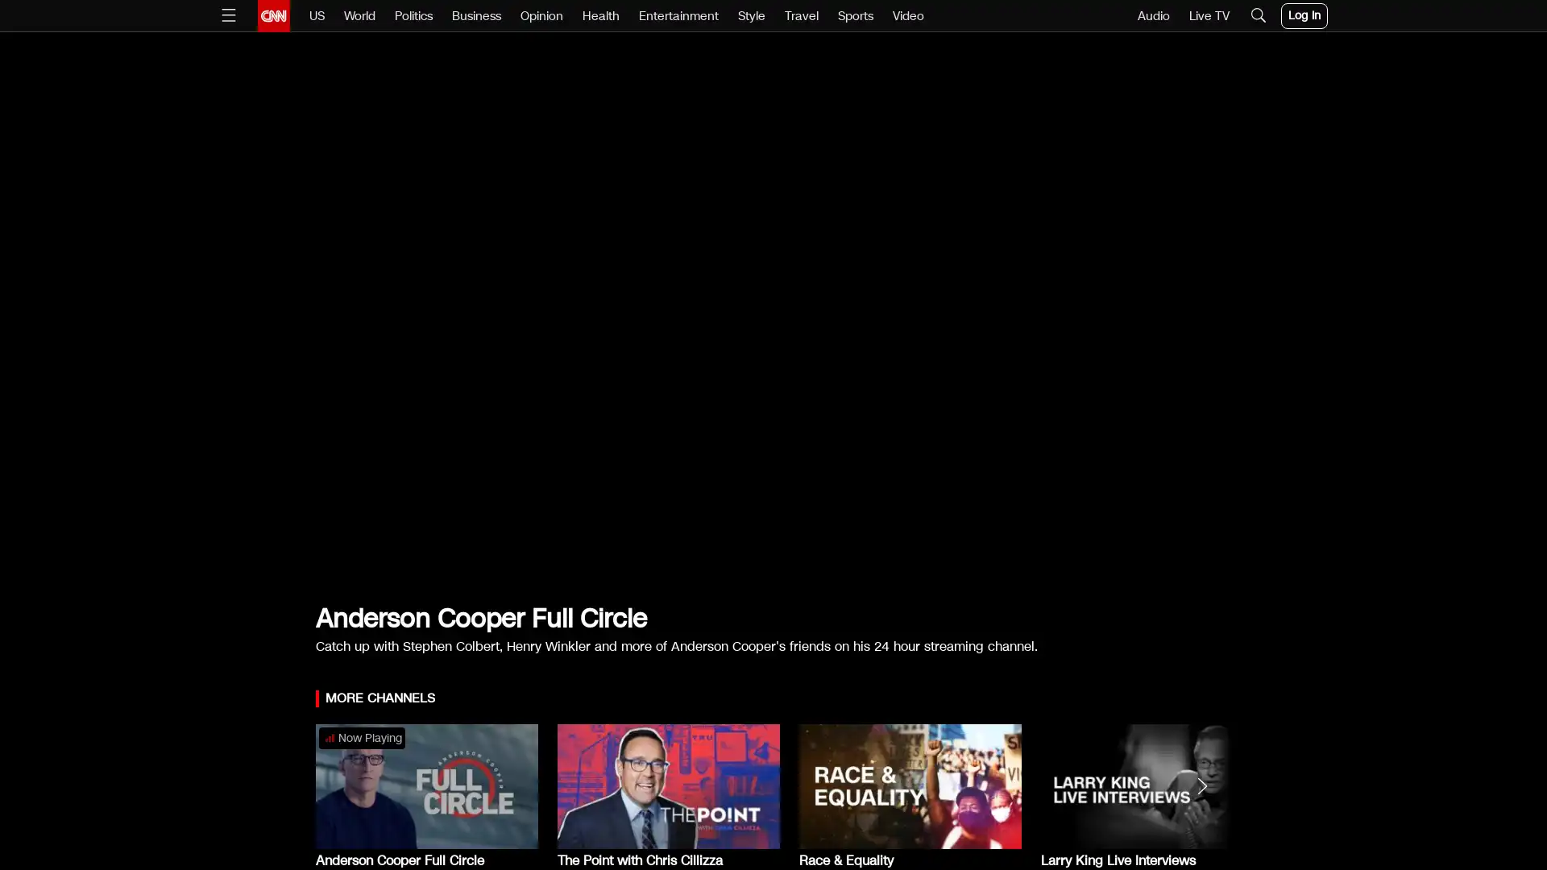 The width and height of the screenshot is (1547, 870). I want to click on Search Icon, so click(1256, 15).